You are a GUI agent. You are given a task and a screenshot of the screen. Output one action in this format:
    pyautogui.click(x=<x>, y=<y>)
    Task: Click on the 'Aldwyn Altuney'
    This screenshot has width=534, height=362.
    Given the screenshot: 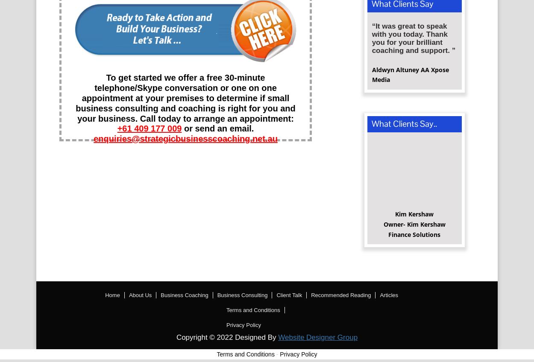 What is the action you would take?
    pyautogui.click(x=396, y=72)
    